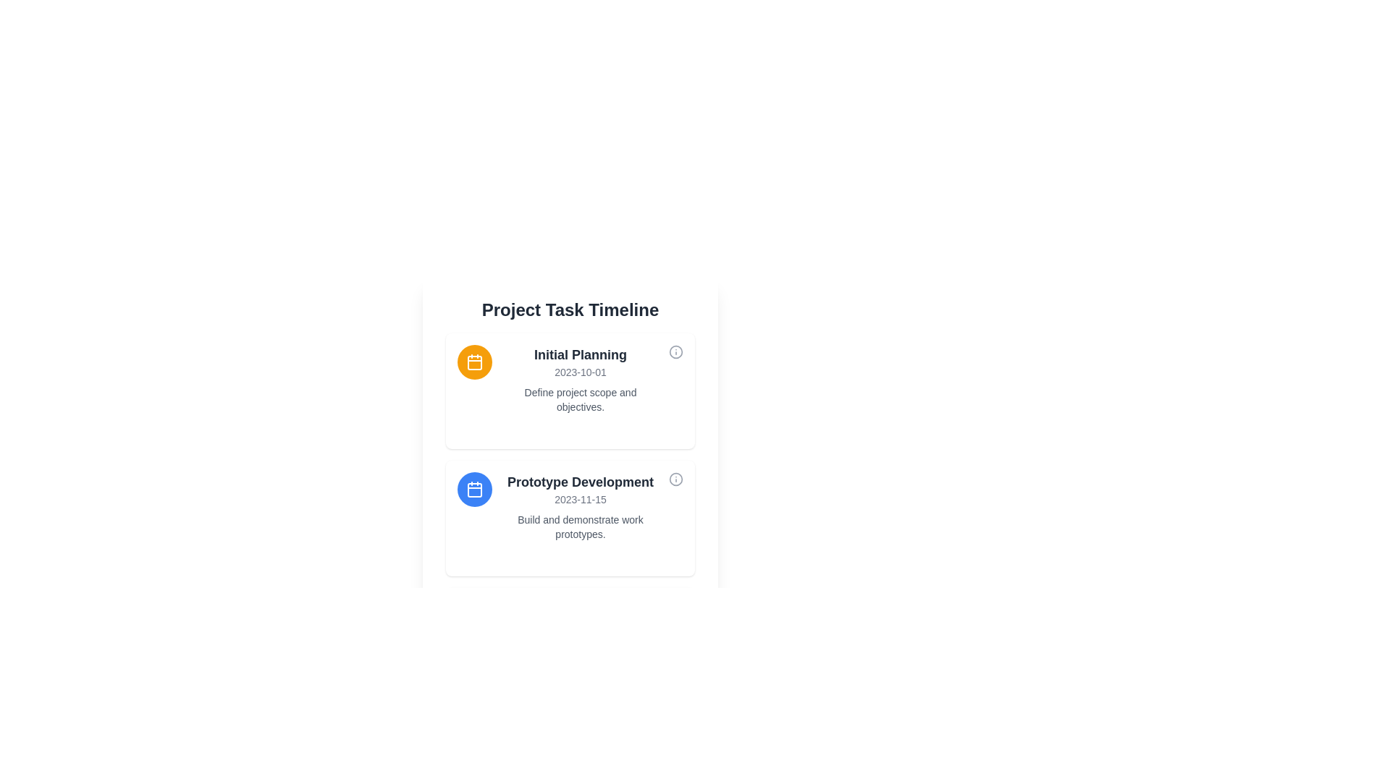  I want to click on the circular blue icon with a white calendar symbol that is located to the left of the text 'Prototype Development' and above the date '2023-11-15', so click(475, 489).